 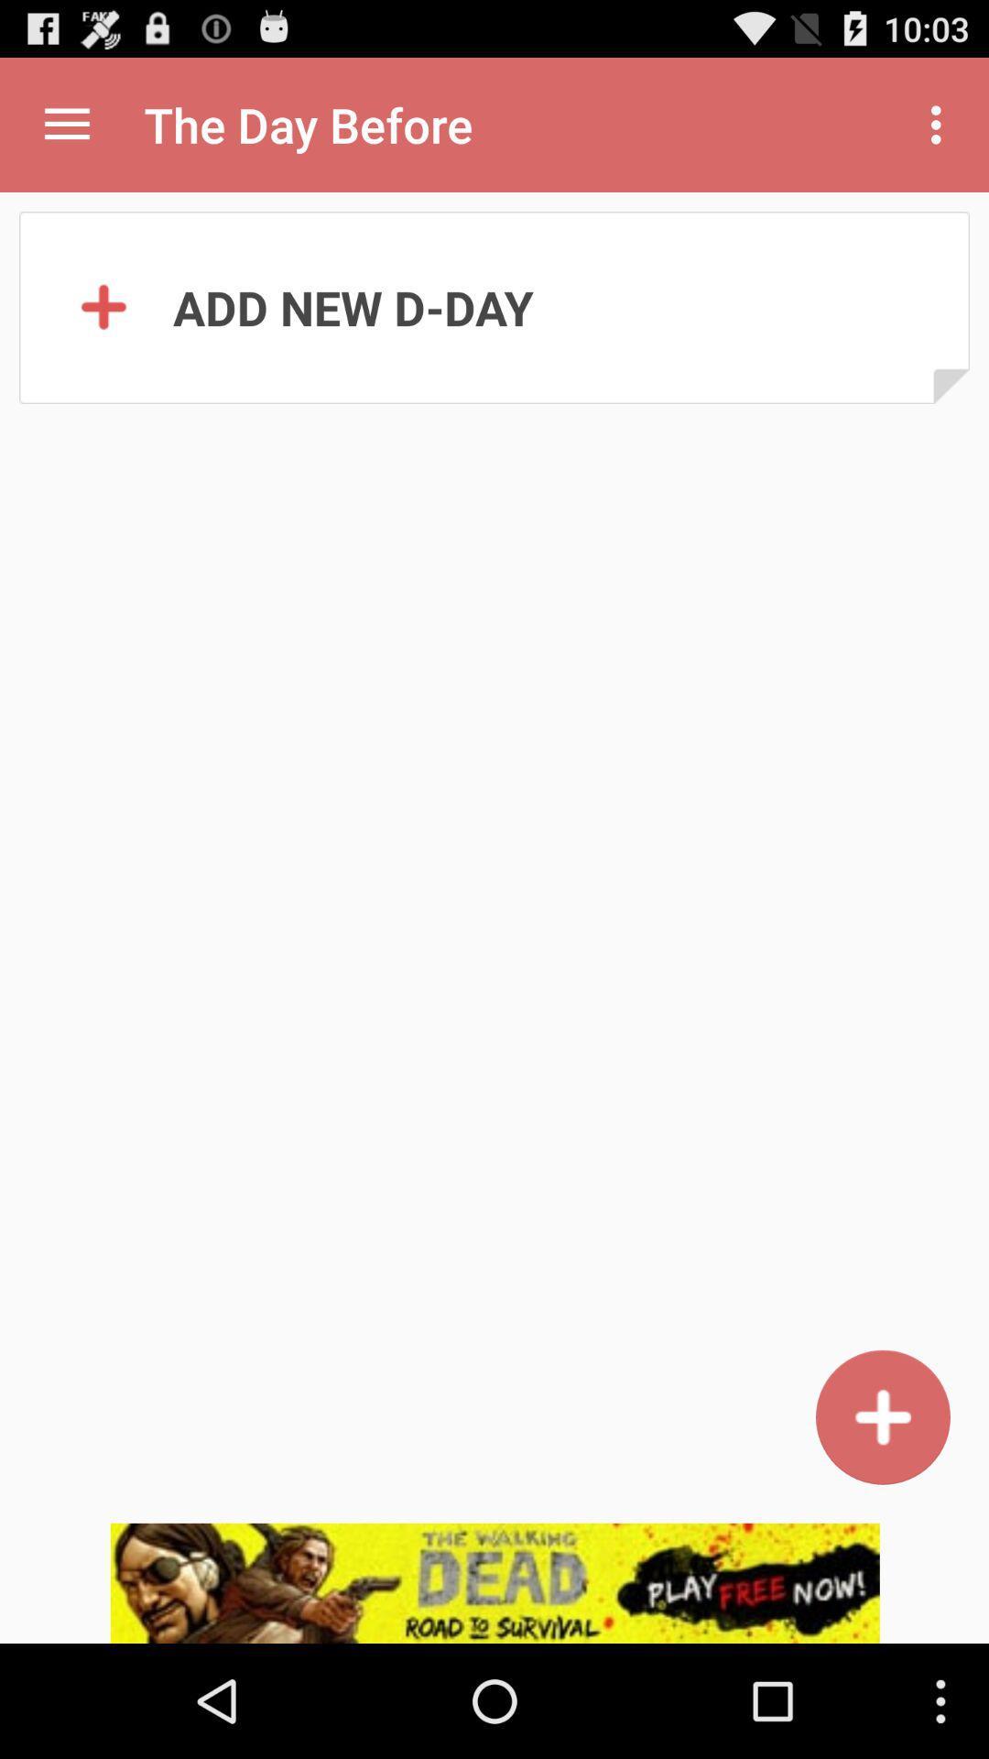 What do you see at coordinates (882, 1416) in the screenshot?
I see `a new d-day` at bounding box center [882, 1416].